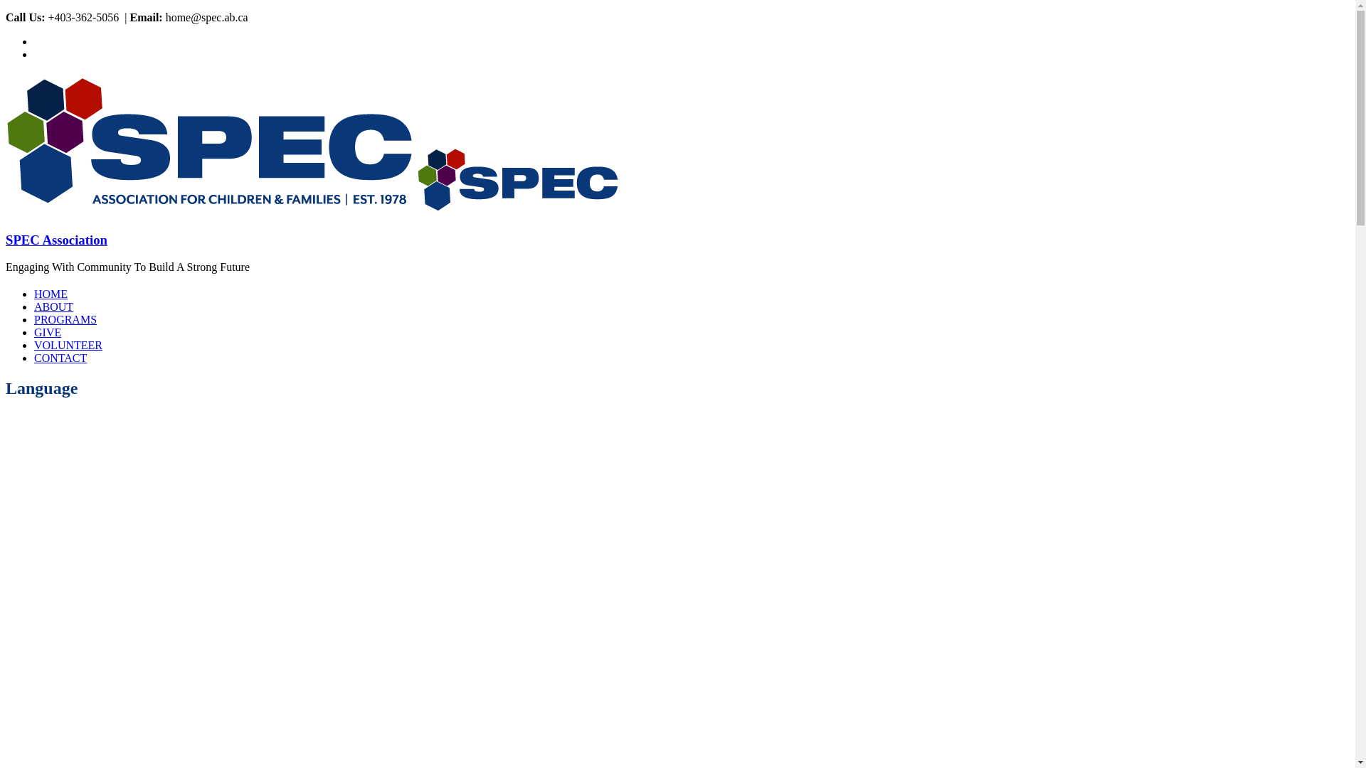 Image resolution: width=1366 pixels, height=768 pixels. I want to click on 'SPEC Association', so click(56, 239).